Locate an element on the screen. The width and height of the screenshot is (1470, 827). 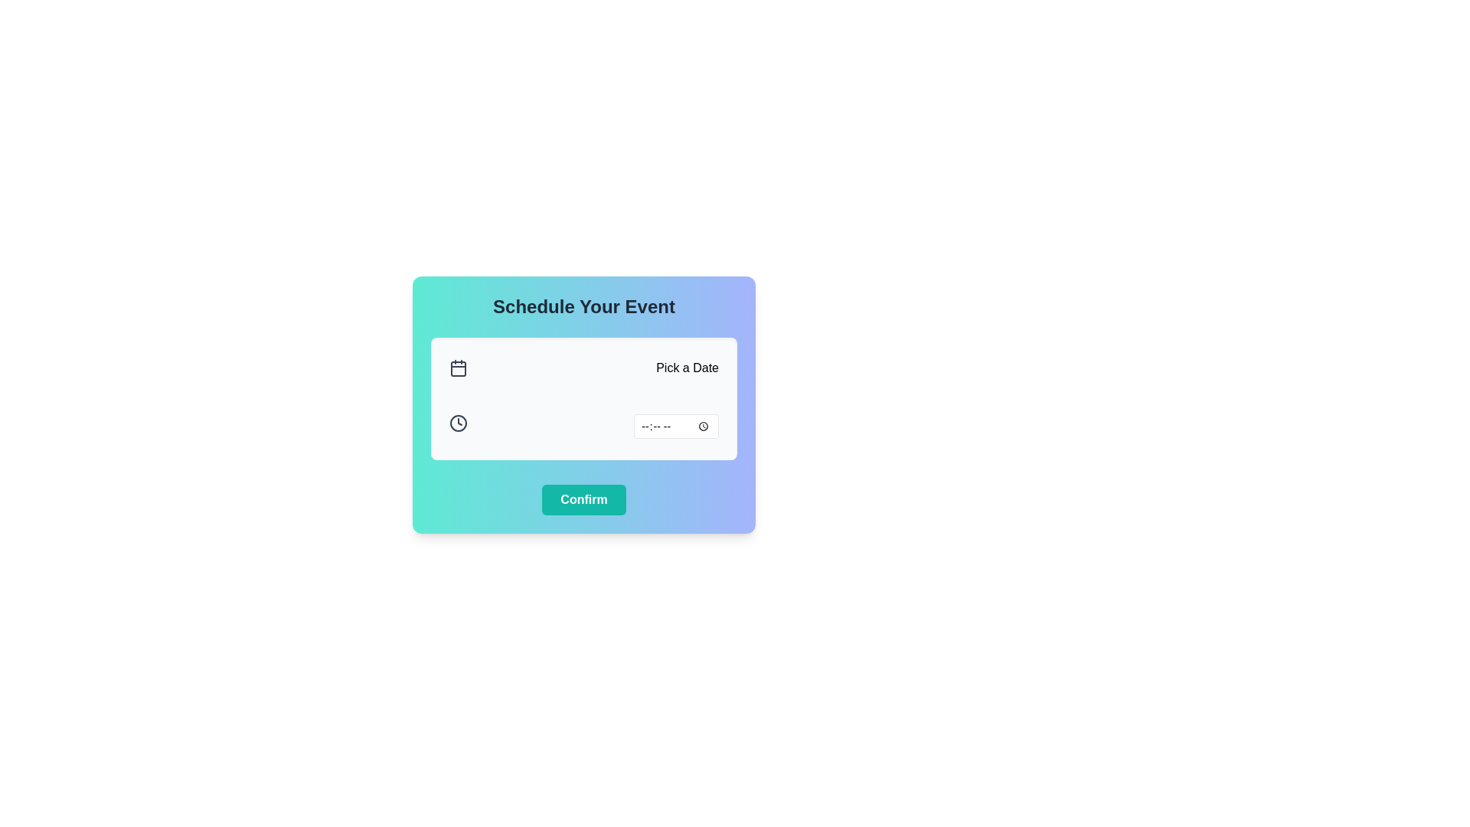
the center circle of the clock icon located in the lower-left portion of the card-like layout is located at coordinates (458, 423).